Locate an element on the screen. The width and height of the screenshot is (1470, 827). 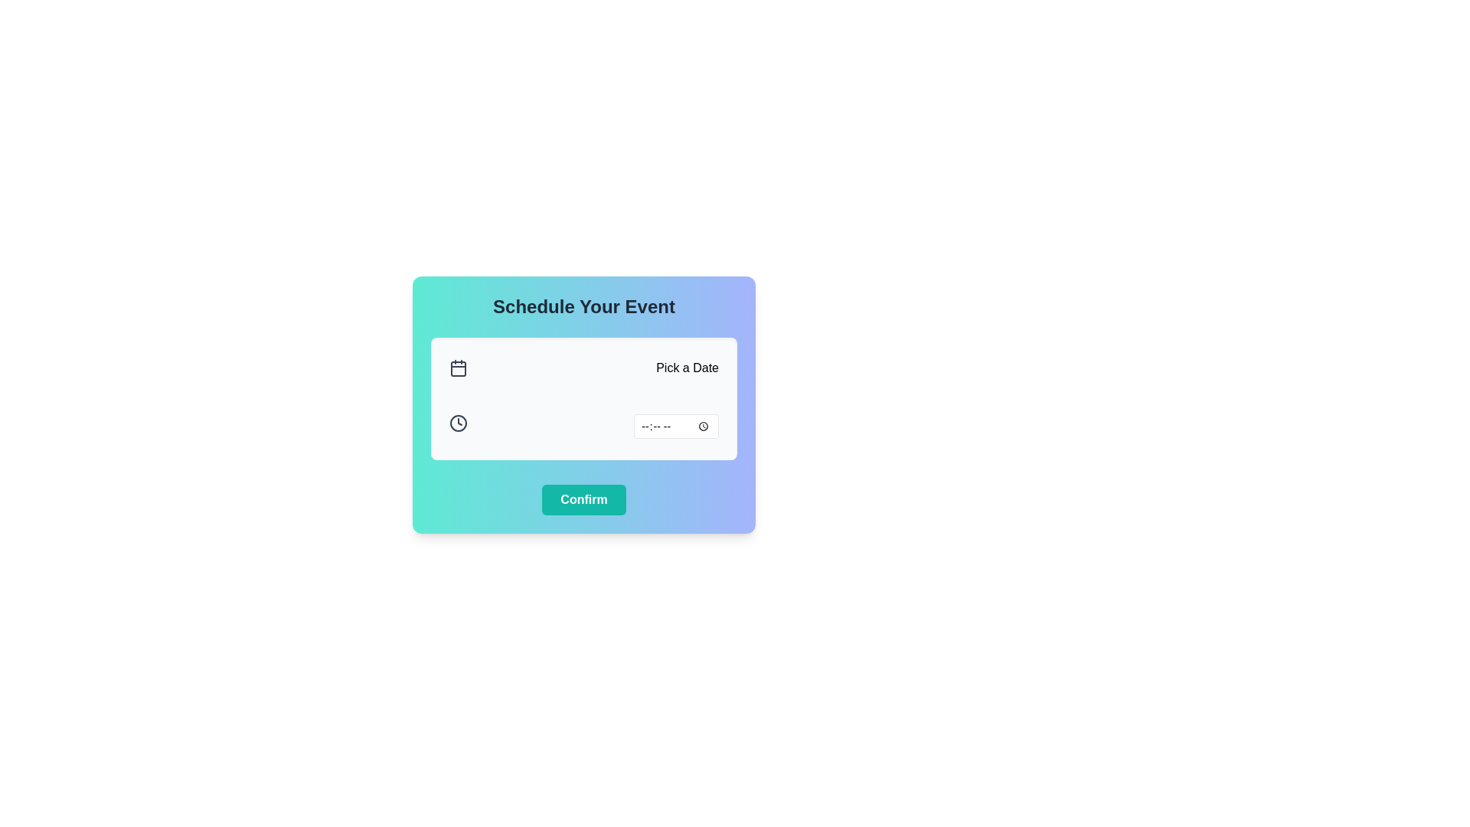
the center circle of the clock icon located in the lower-left portion of the card-like layout is located at coordinates (458, 423).